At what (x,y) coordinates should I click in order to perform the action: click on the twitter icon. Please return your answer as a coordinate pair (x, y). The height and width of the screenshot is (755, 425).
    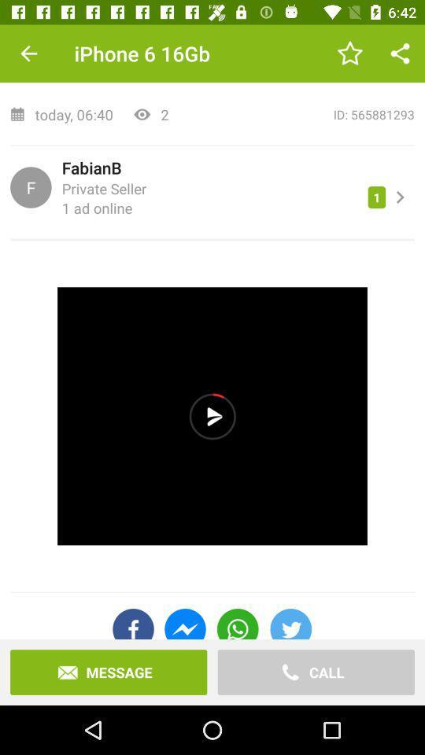
    Looking at the image, I should click on (290, 624).